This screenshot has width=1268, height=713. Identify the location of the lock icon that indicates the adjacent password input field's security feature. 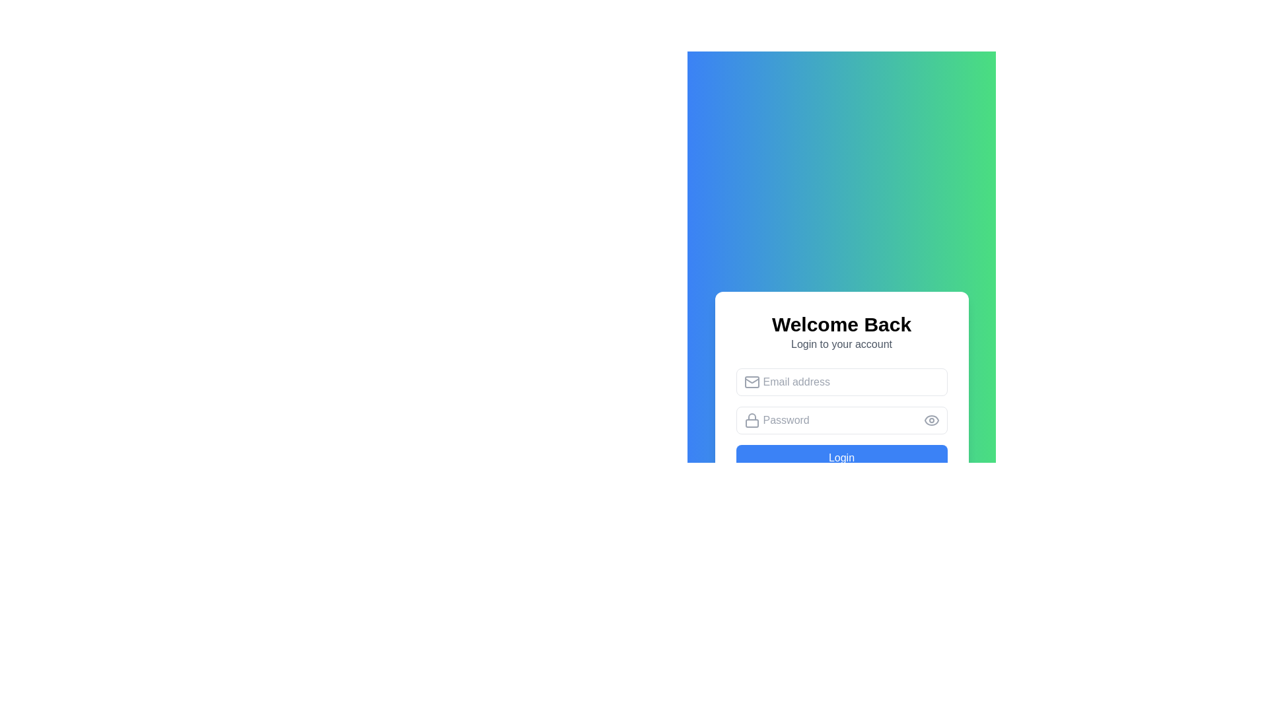
(752, 420).